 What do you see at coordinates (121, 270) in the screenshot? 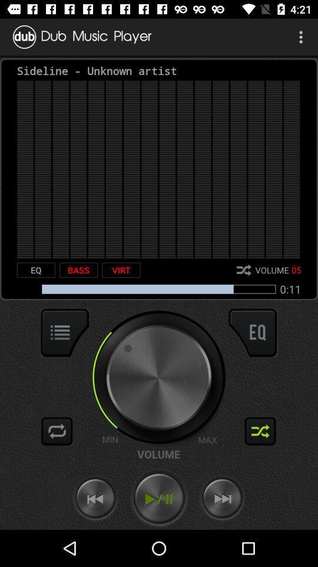
I see `virt` at bounding box center [121, 270].